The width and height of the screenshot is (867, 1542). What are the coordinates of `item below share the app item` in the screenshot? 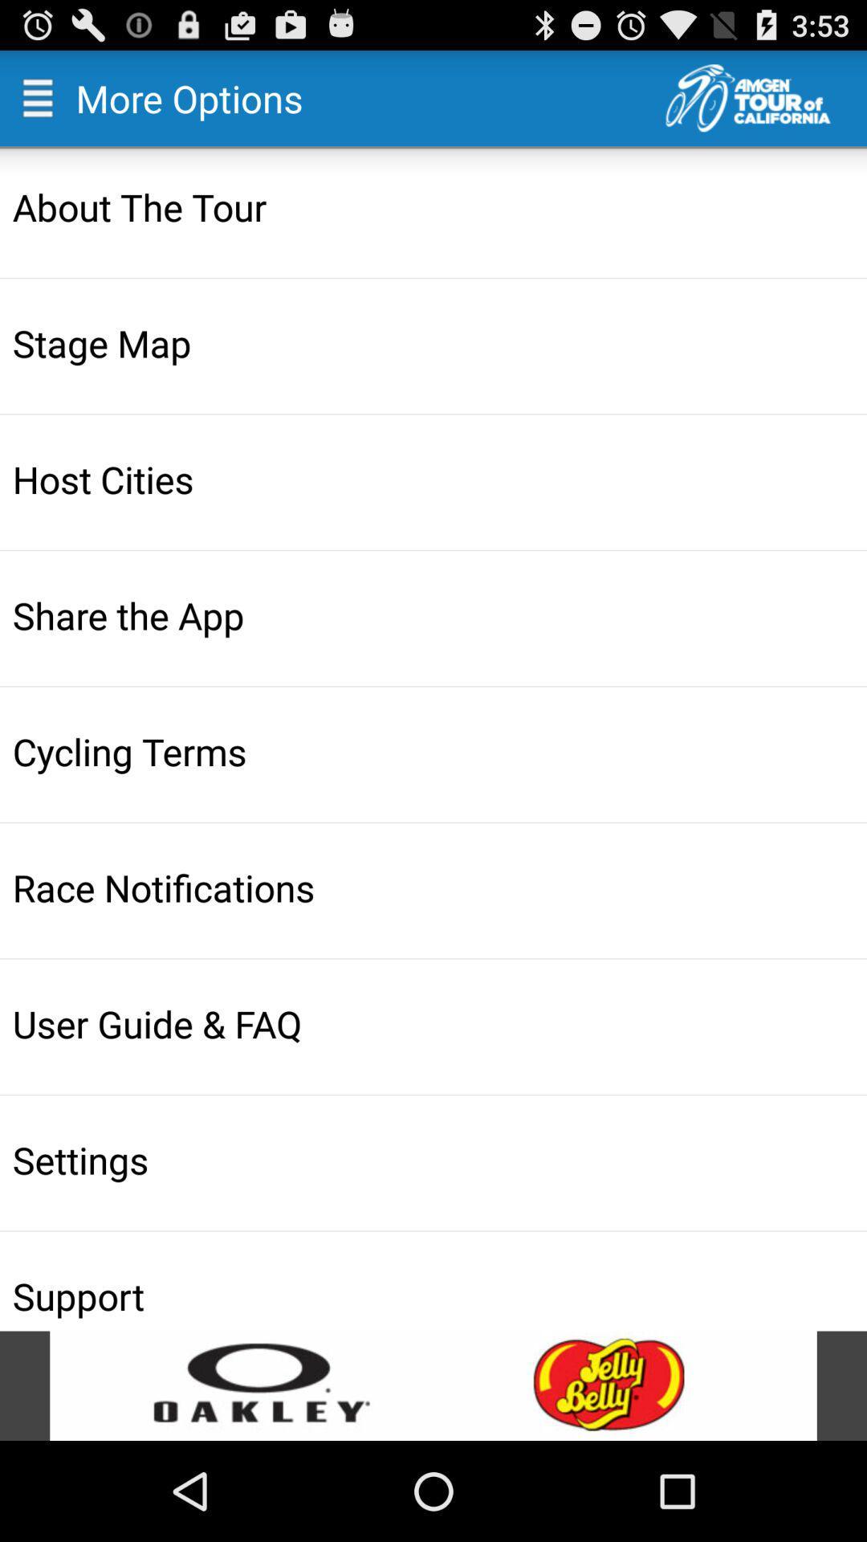 It's located at (435, 750).